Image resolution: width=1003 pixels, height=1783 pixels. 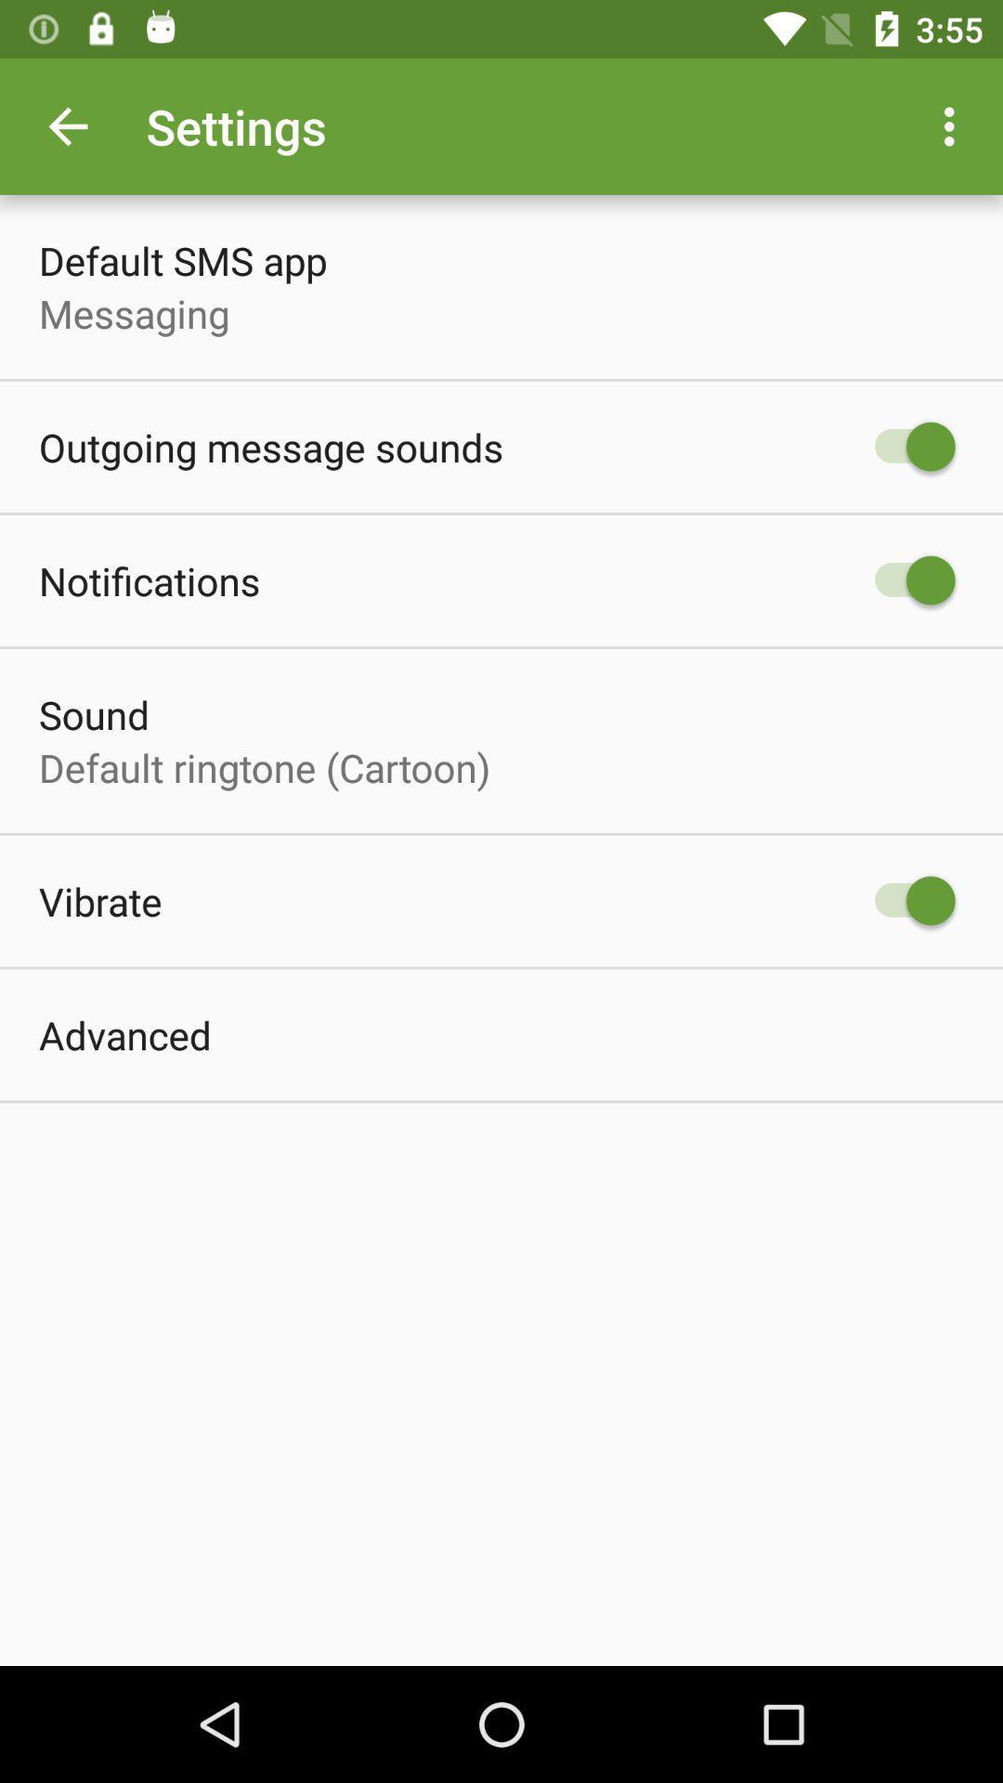 I want to click on the notifications item, so click(x=149, y=579).